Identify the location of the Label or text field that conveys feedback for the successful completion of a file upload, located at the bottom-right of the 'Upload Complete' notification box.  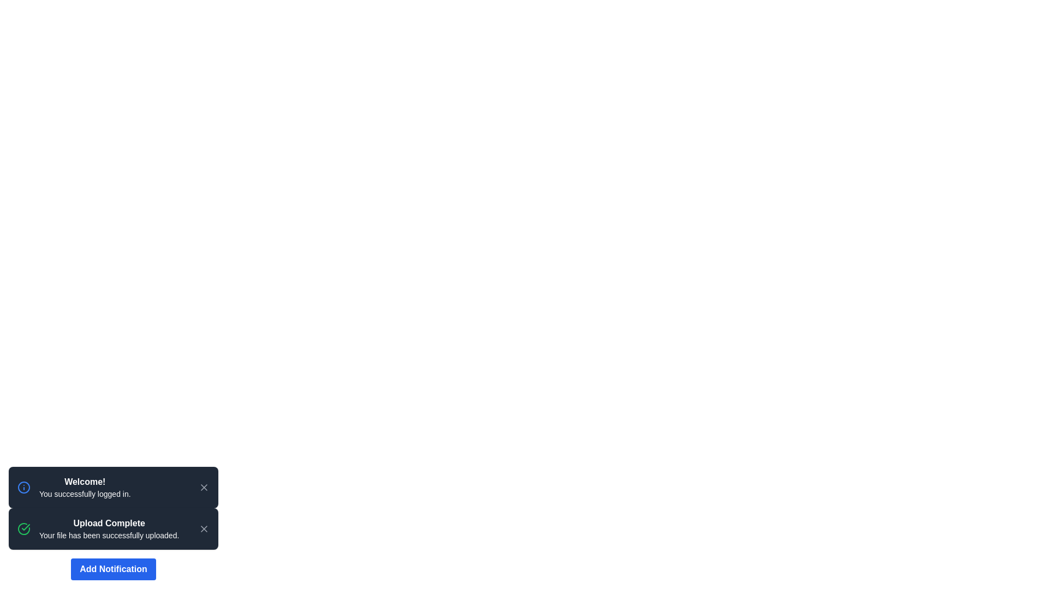
(109, 535).